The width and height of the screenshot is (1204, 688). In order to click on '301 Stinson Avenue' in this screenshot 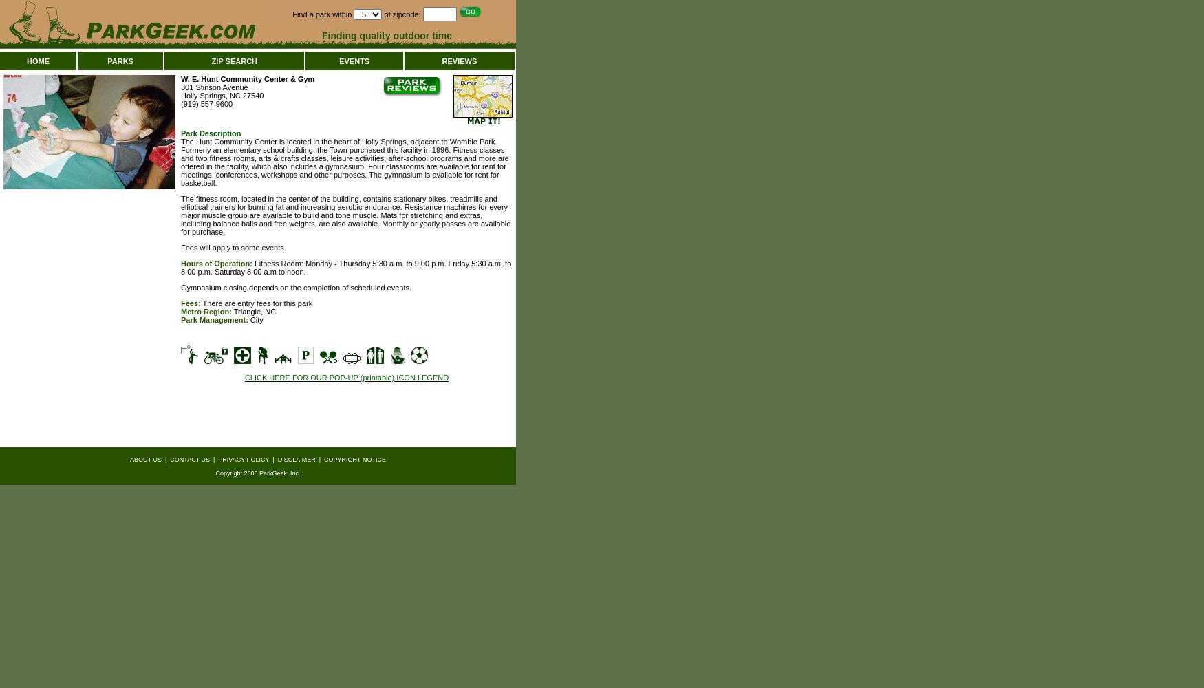, I will do `click(213, 87)`.